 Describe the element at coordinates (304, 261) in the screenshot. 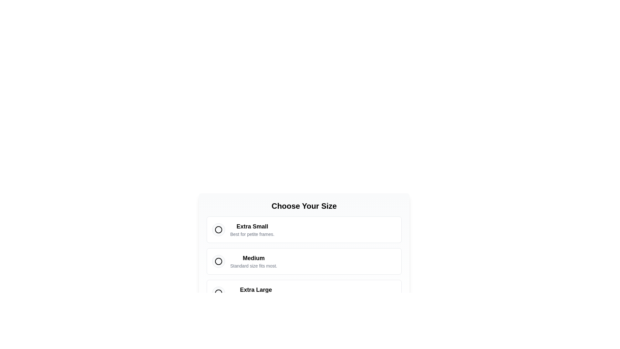

I see `the 'Medium' size option in the 'Choose Your Size' card` at that location.